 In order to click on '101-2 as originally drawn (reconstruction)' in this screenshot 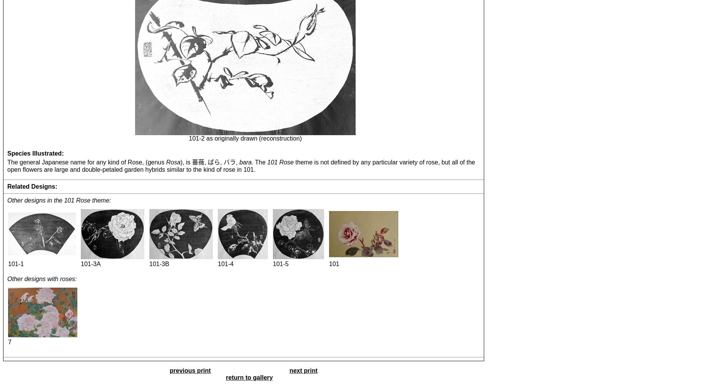, I will do `click(245, 138)`.